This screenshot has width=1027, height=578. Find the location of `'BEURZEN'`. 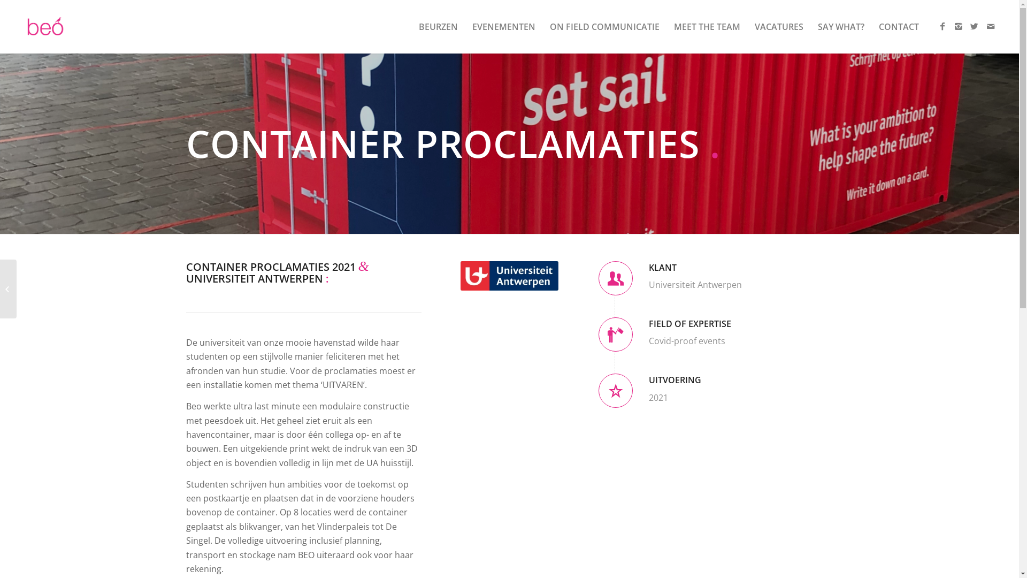

'BEURZEN' is located at coordinates (438, 26).